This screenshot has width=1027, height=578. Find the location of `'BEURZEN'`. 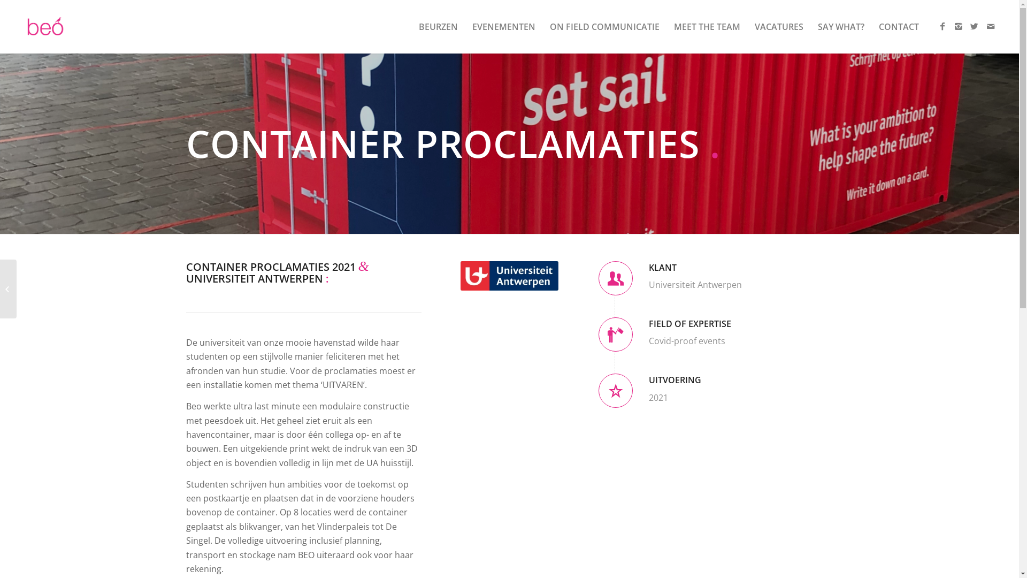

'BEURZEN' is located at coordinates (438, 26).